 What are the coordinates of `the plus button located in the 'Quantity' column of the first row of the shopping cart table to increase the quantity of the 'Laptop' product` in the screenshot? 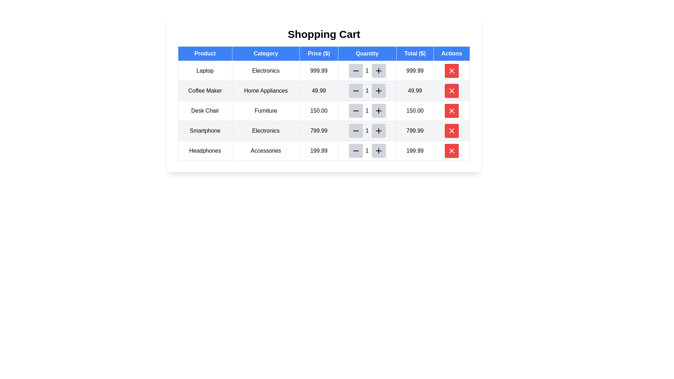 It's located at (378, 71).